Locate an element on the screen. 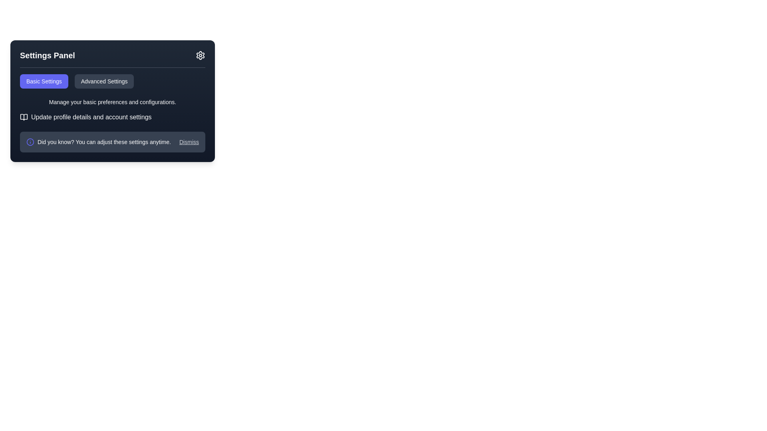  the informational text block that contains the message 'Did you know? You can adjust these settings anytime.' and an information icon, positioned at the bottom of the settings panel is located at coordinates (98, 141).